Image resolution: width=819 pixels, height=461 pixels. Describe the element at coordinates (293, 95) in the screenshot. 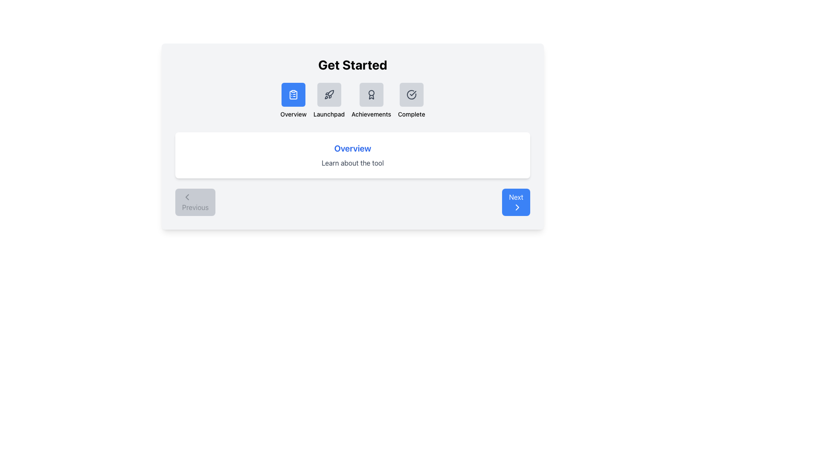

I see `the 'Overview' icon located within the first blue square button in the navigation section` at that location.